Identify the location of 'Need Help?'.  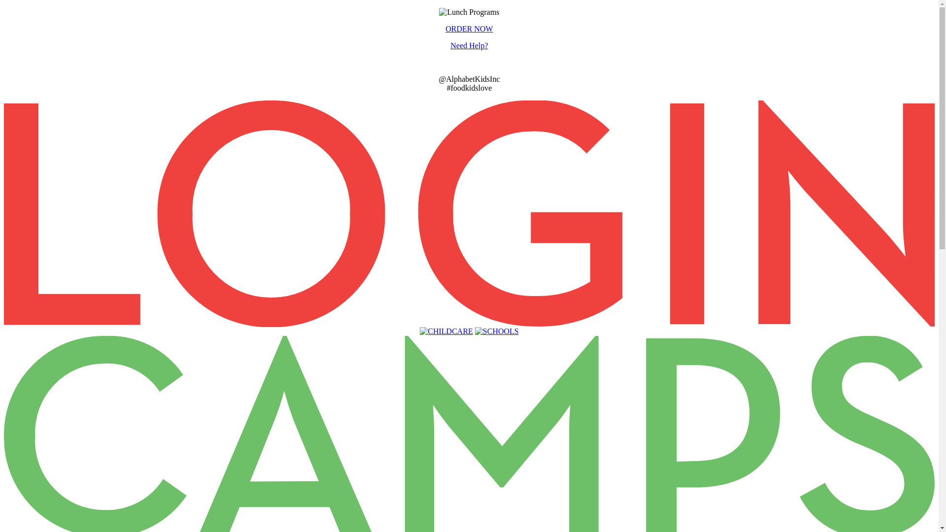
(450, 45).